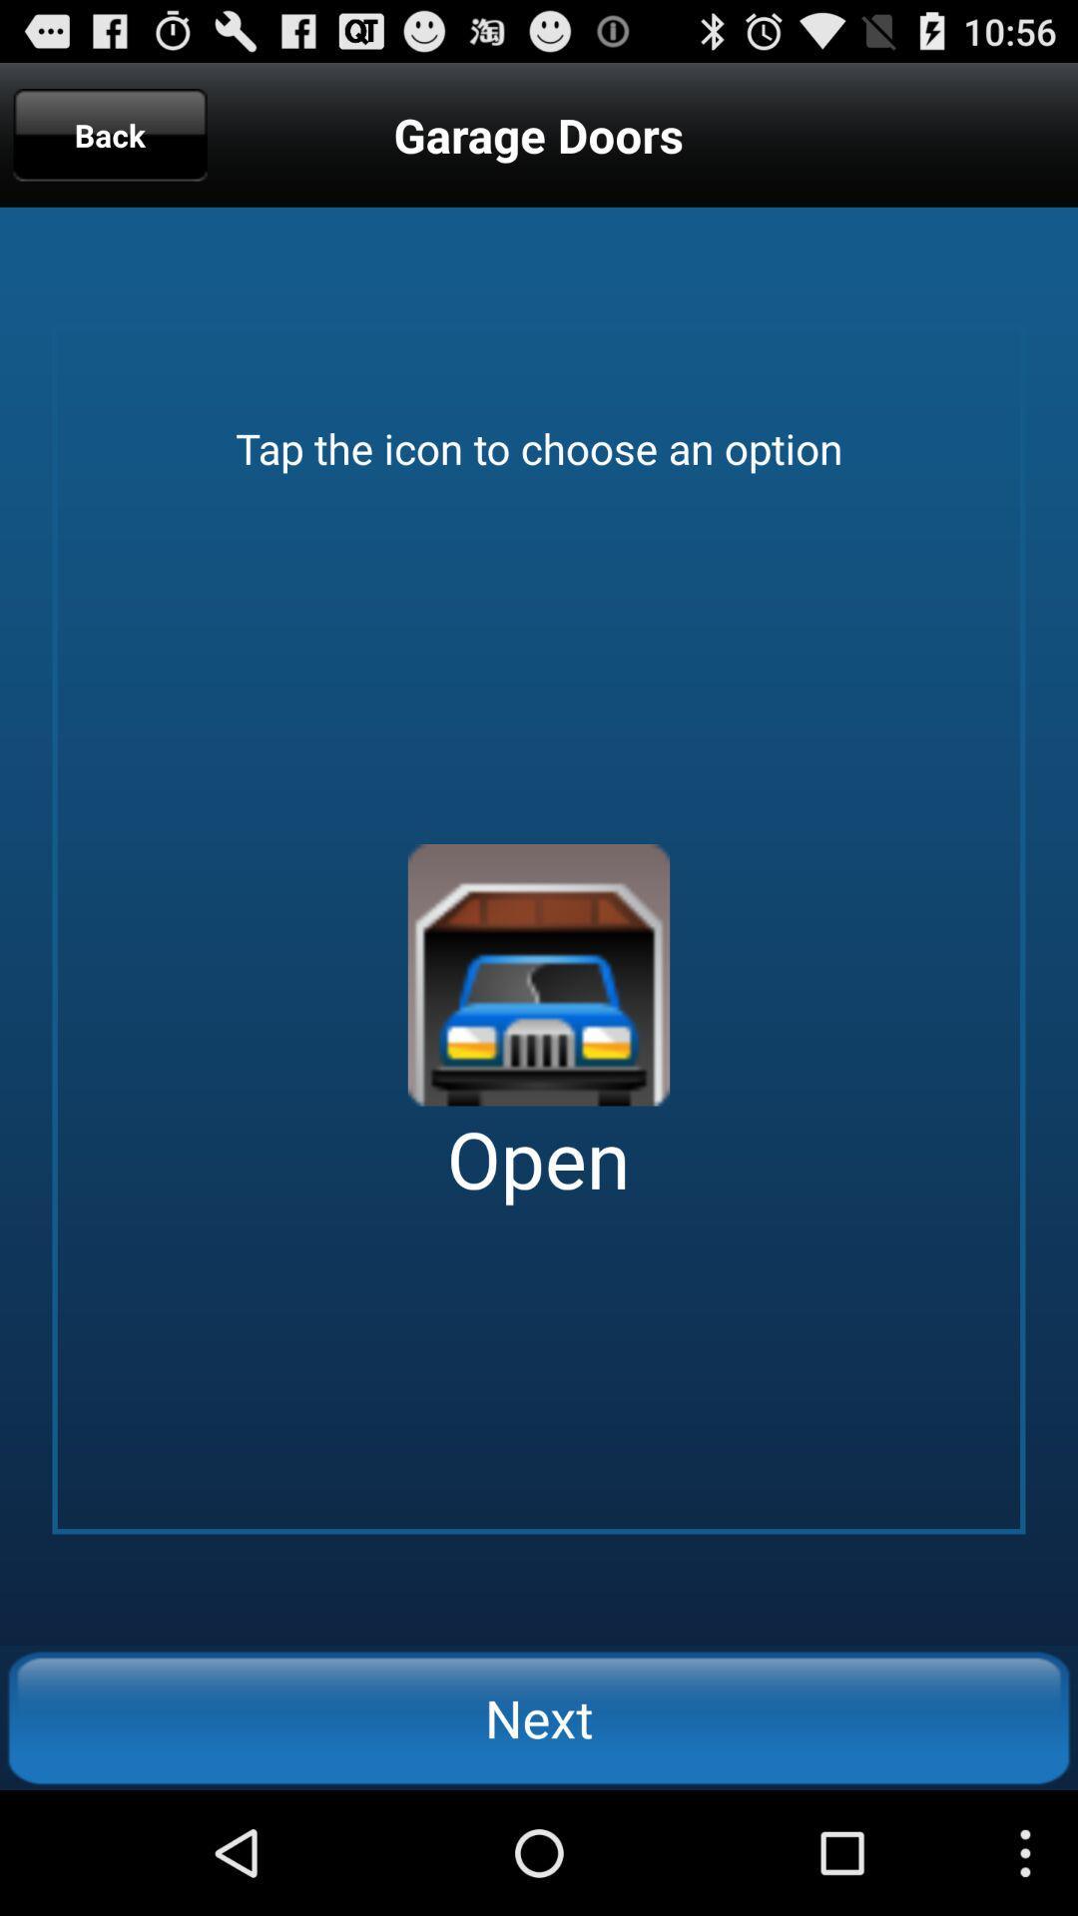 Image resolution: width=1078 pixels, height=1916 pixels. I want to click on the icon next to garage doors app, so click(110, 134).